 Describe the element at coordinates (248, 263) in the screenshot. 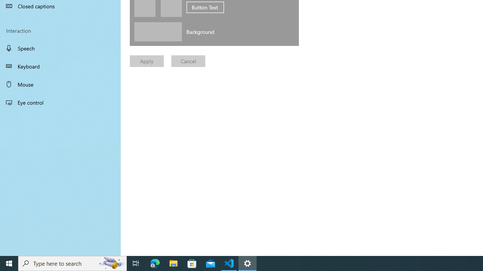

I see `'Settings - 1 running window'` at that location.